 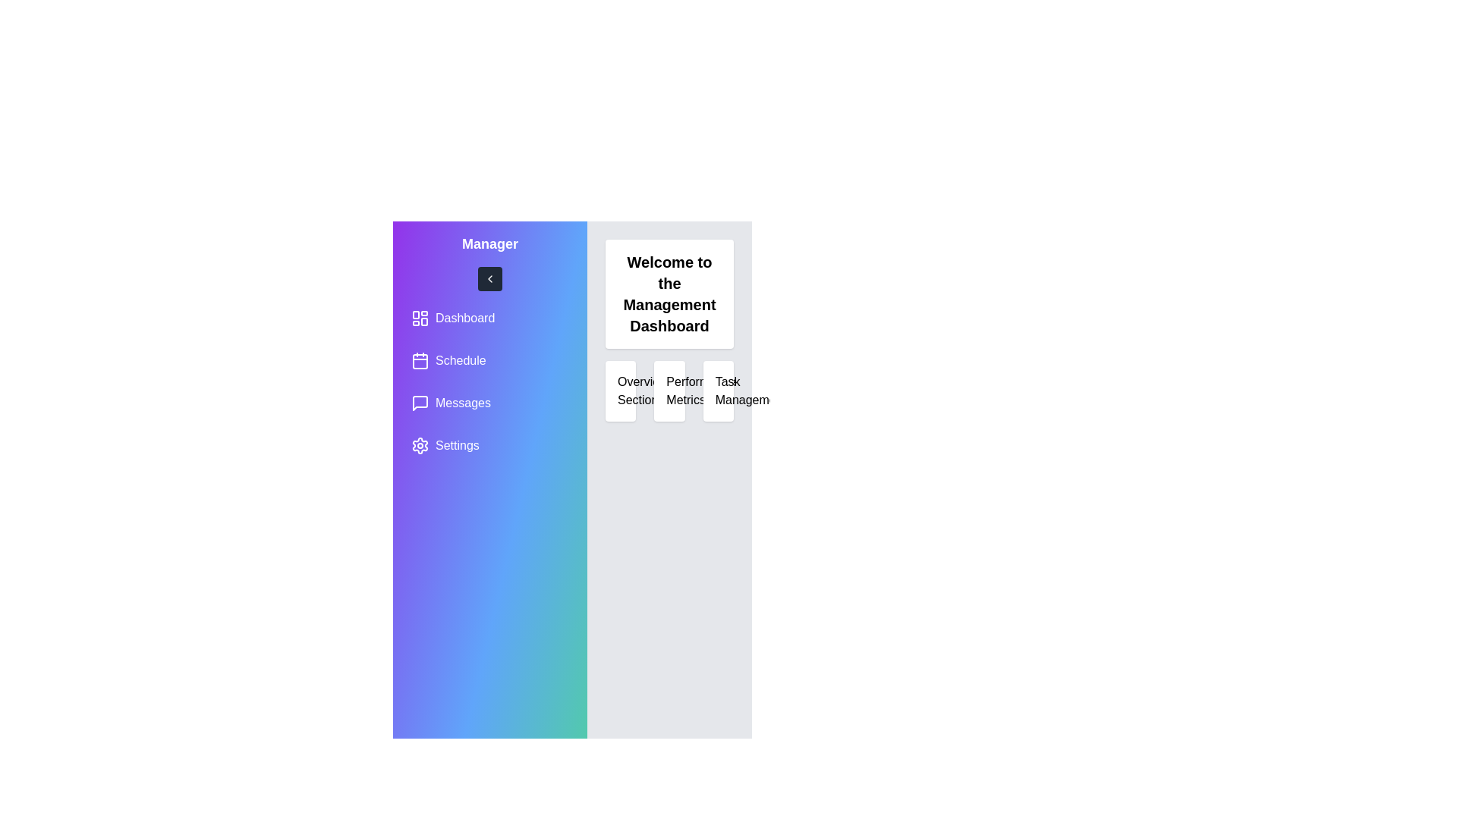 I want to click on the 'Settings' button located in the side navigation panel to activate it for keyboard interaction, so click(x=490, y=444).